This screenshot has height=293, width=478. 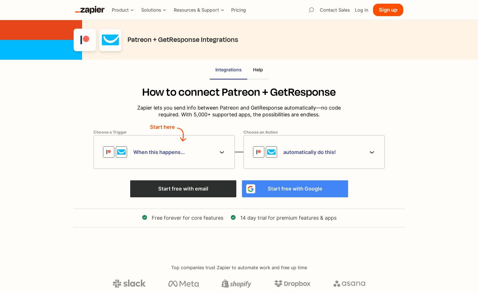 I want to click on 'Free forever', so click(x=151, y=217).